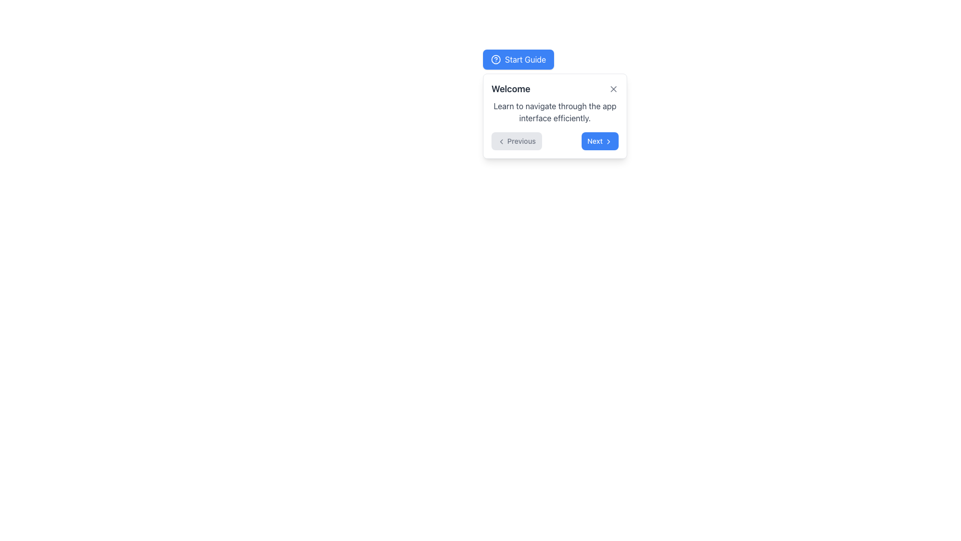 This screenshot has height=541, width=961. I want to click on the close button located in the top-right corner of the 'Welcome' dialog box, so click(613, 88).